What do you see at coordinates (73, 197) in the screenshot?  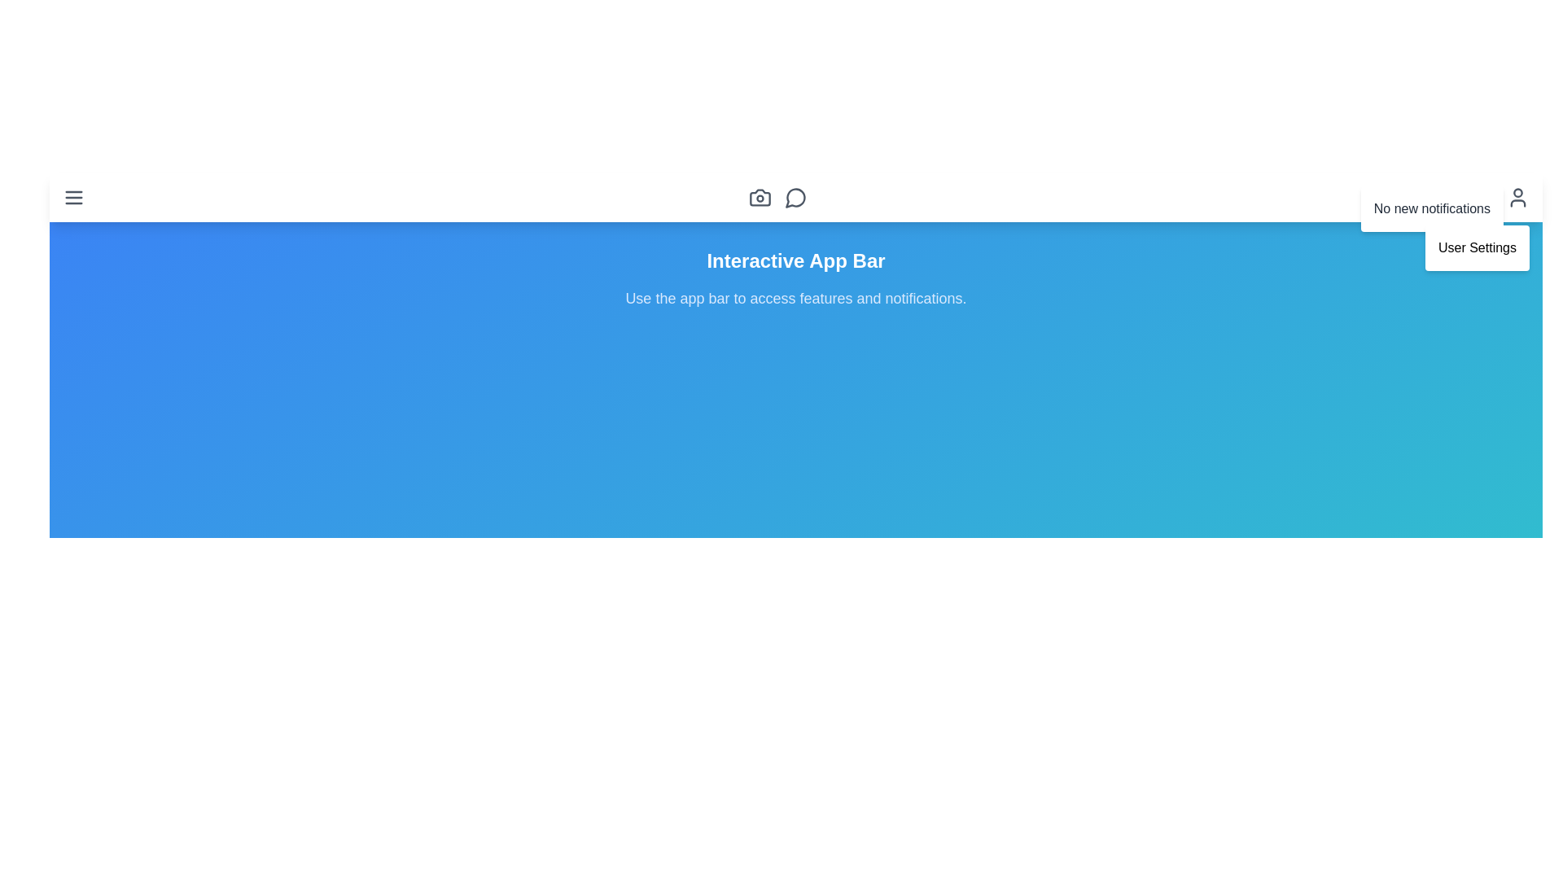 I see `the menu icon located on the left-hand side of the app bar` at bounding box center [73, 197].